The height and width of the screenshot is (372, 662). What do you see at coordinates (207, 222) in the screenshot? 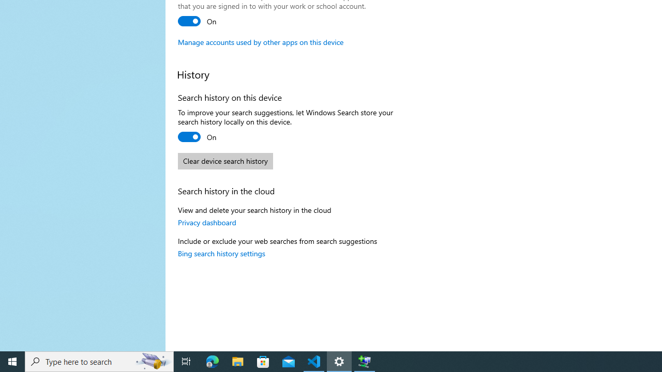
I see `'Privacy dashboard'` at bounding box center [207, 222].